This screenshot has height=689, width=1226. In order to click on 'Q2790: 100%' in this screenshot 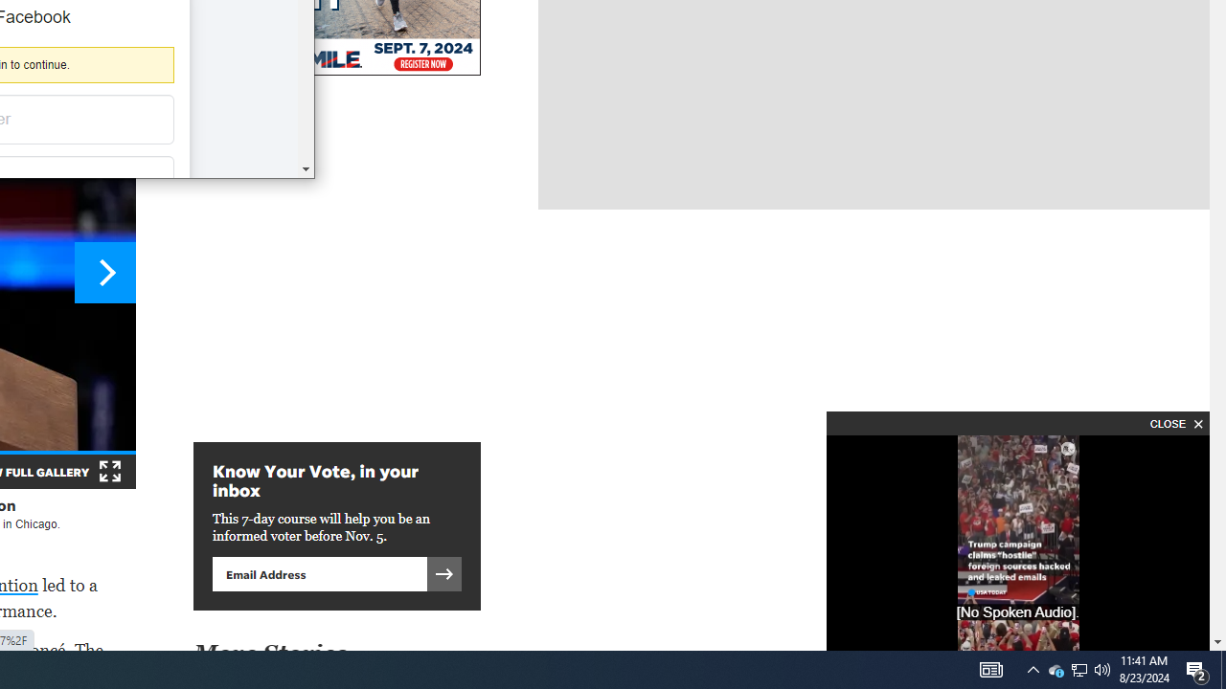, I will do `click(1102, 668)`.